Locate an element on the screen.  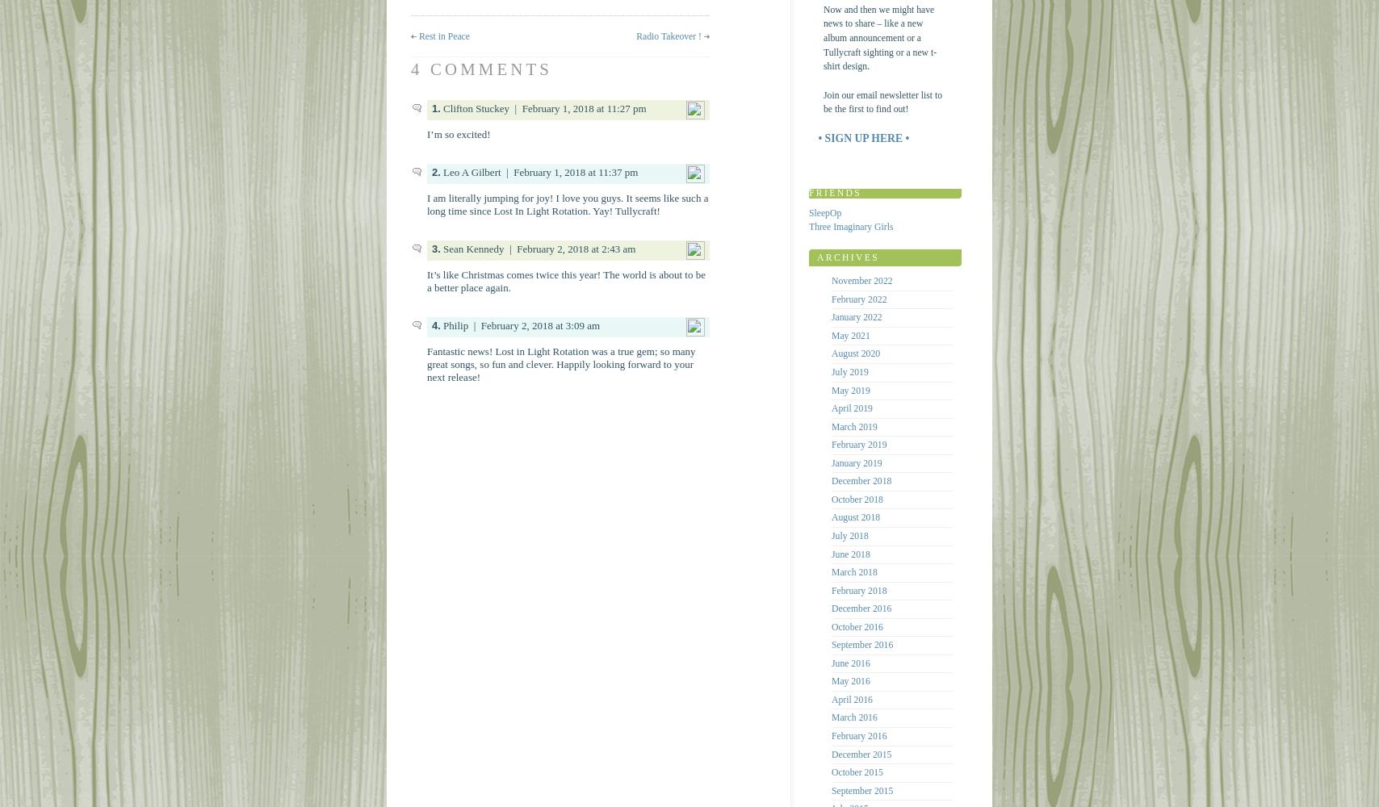
'June 2016' is located at coordinates (831, 662).